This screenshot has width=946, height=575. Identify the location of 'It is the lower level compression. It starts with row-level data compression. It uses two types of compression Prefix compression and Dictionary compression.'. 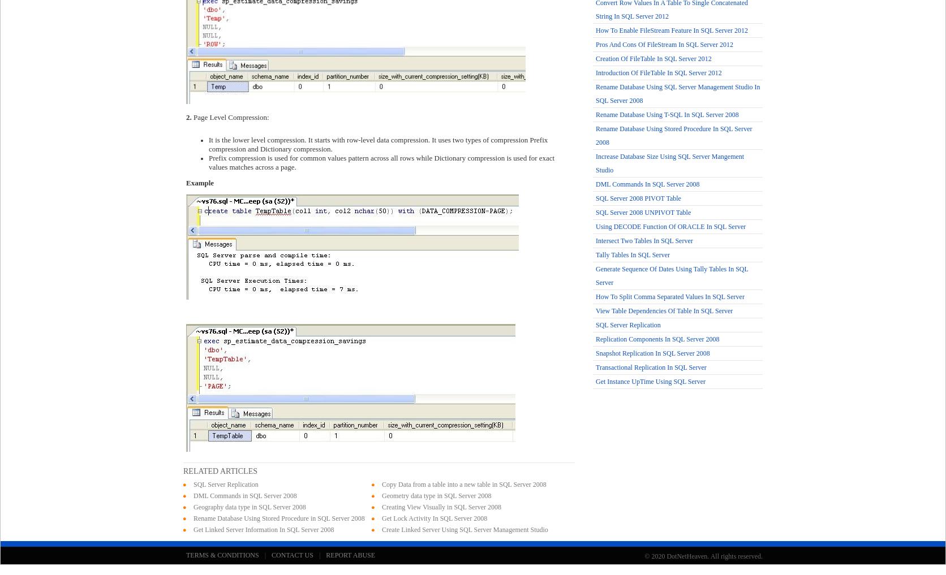
(378, 144).